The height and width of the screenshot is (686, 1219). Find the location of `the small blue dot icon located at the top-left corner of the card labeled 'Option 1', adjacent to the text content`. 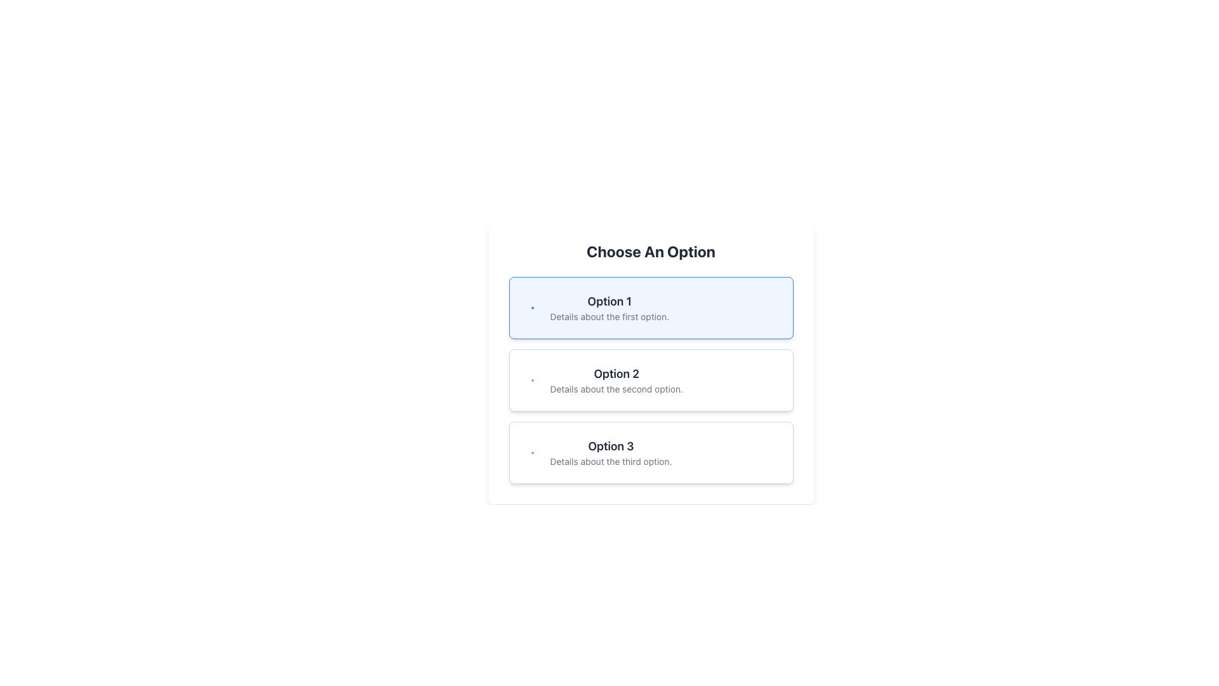

the small blue dot icon located at the top-left corner of the card labeled 'Option 1', adjacent to the text content is located at coordinates (532, 308).